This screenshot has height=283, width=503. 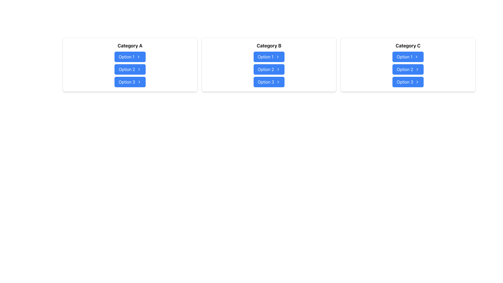 I want to click on the blue button labeled 'Option 1' with a right-pointing arrow icon under the 'Category A' heading, so click(x=130, y=57).